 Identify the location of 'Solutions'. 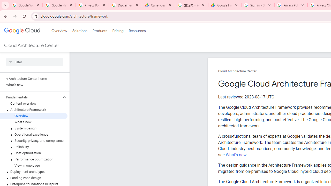
(79, 31).